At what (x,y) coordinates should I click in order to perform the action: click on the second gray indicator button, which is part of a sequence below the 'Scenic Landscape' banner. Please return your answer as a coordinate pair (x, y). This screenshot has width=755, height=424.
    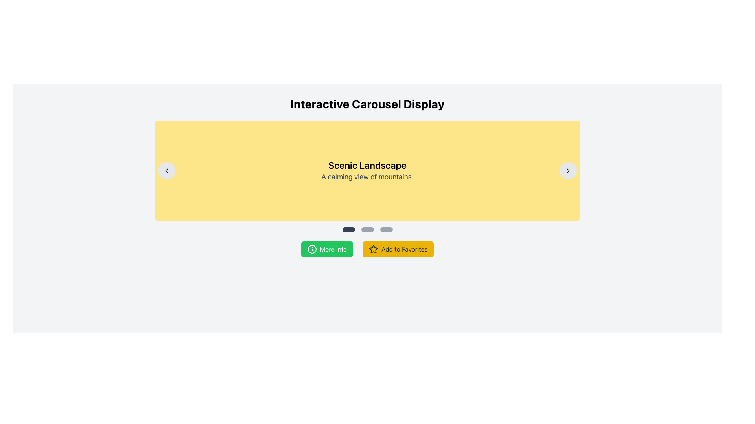
    Looking at the image, I should click on (367, 230).